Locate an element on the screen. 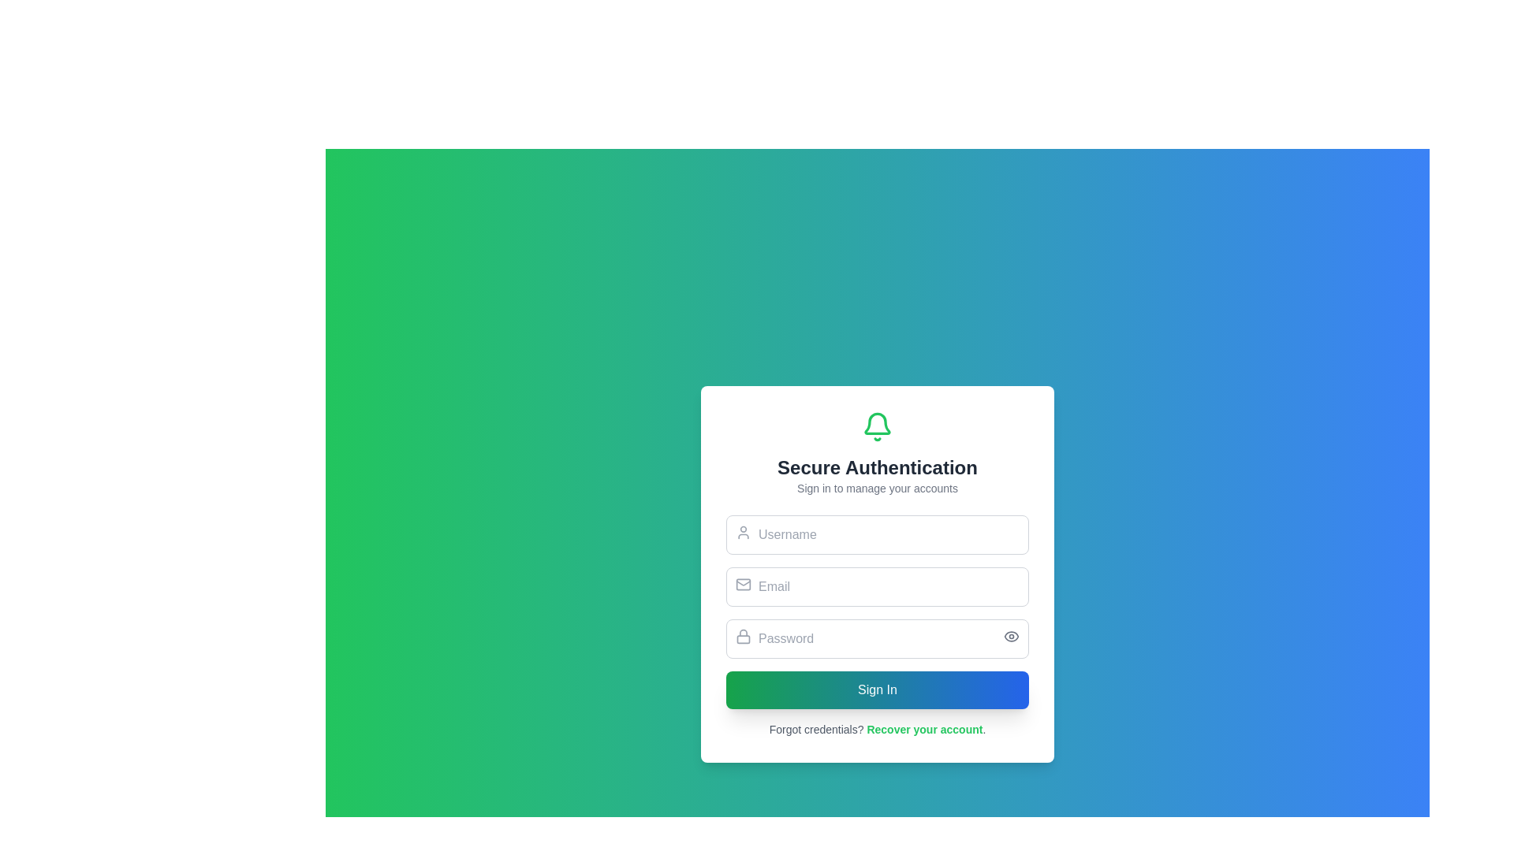  the 'Sign In' button, which is a rectangular button with a gradient background from green to blue, located at the bottom of the authentication popup is located at coordinates (877, 689).